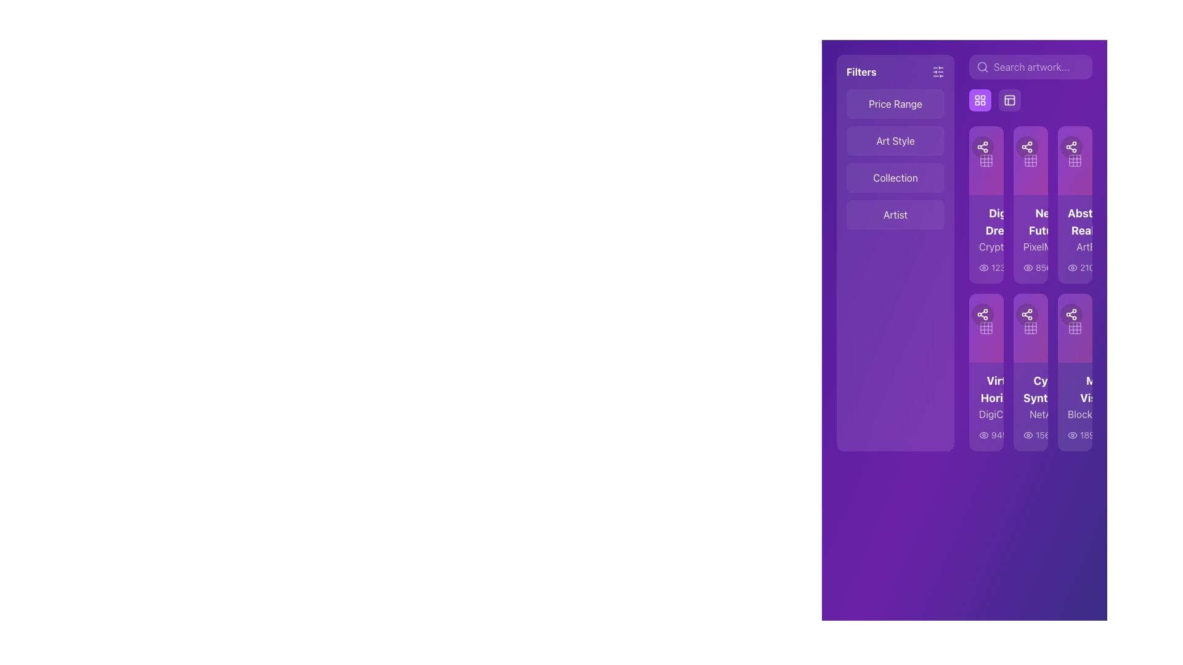 The width and height of the screenshot is (1183, 665). Describe the element at coordinates (1072, 434) in the screenshot. I see `the visibility icon located to the left of the numeric text '1890' in the bottom-right section of the interface` at that location.